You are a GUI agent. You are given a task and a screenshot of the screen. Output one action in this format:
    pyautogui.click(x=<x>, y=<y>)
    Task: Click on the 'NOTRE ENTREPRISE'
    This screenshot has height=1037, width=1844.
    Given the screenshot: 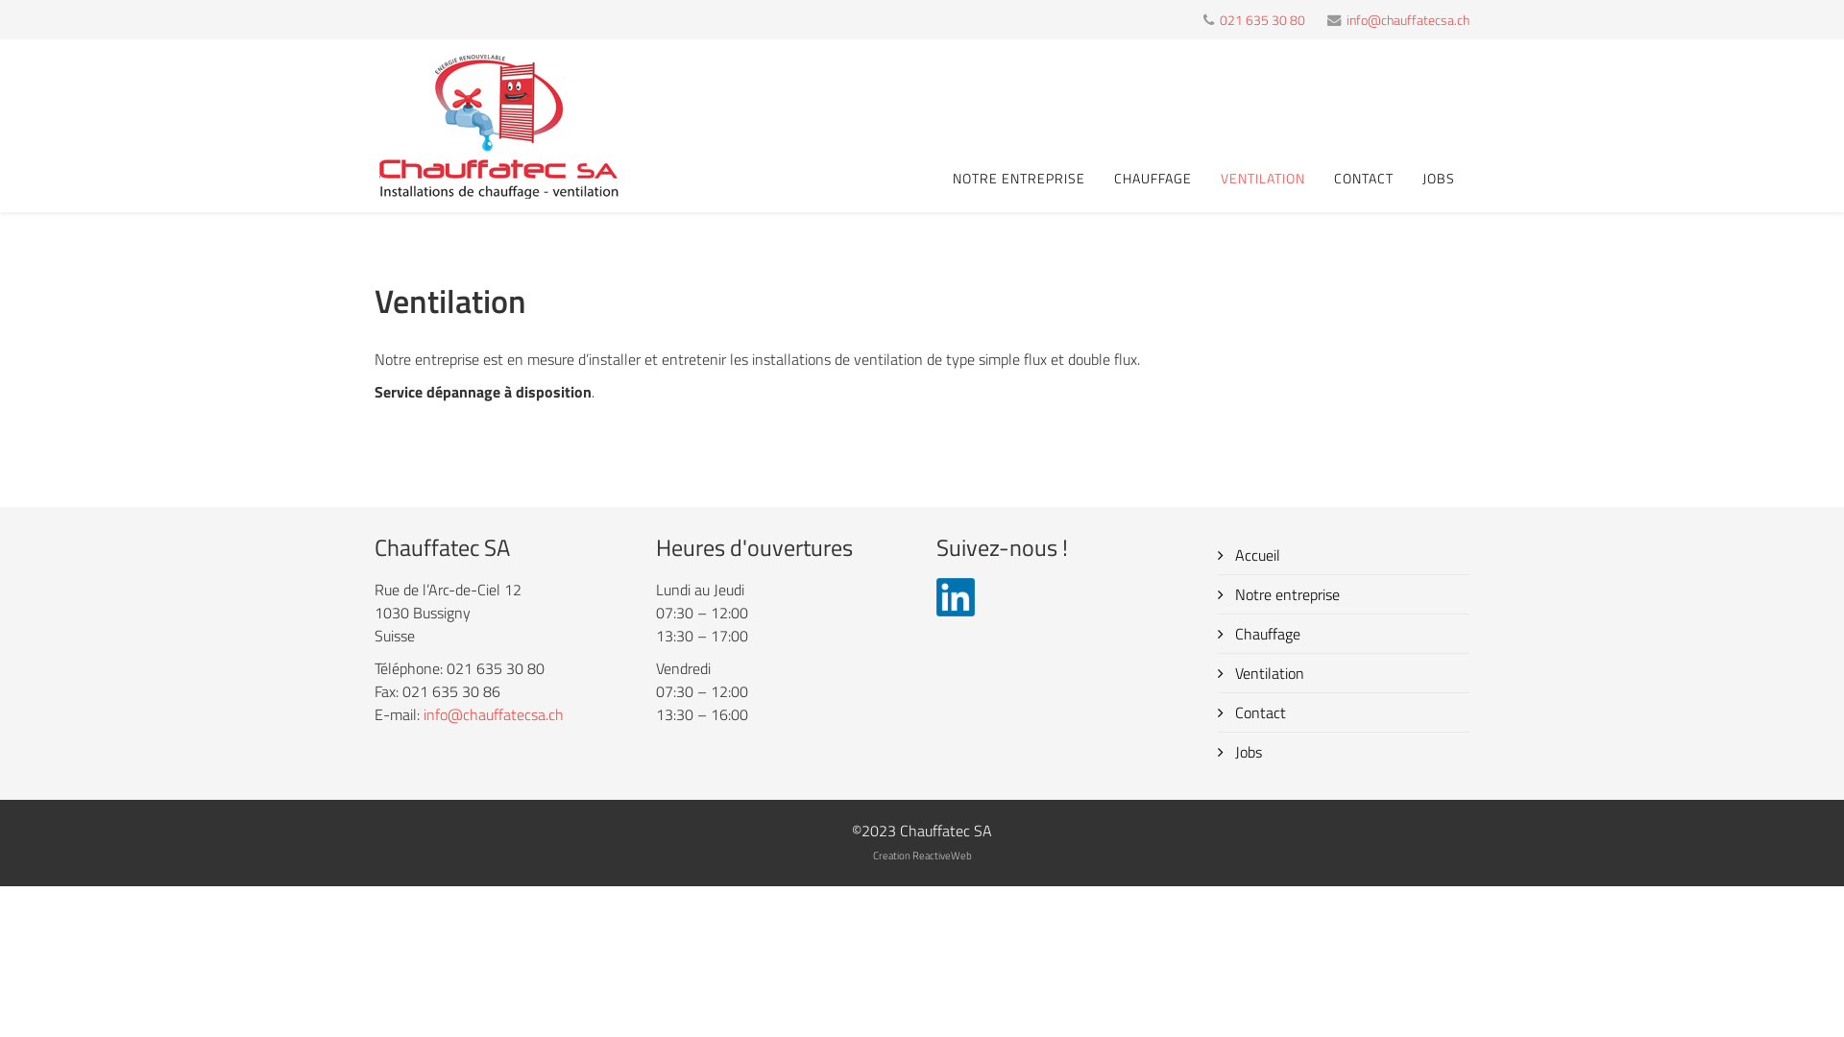 What is the action you would take?
    pyautogui.click(x=1017, y=178)
    